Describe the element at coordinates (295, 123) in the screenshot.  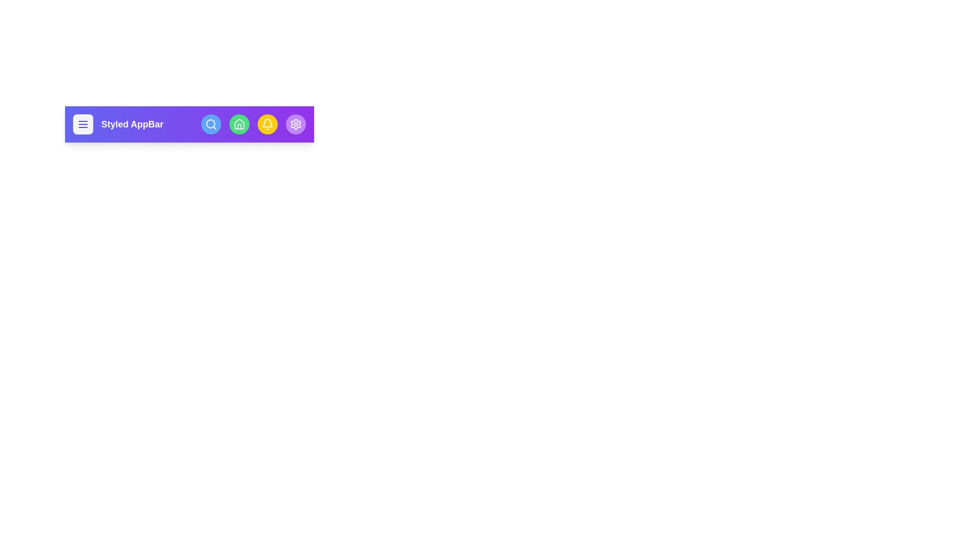
I see `the icon settings to observe its hover effect` at that location.